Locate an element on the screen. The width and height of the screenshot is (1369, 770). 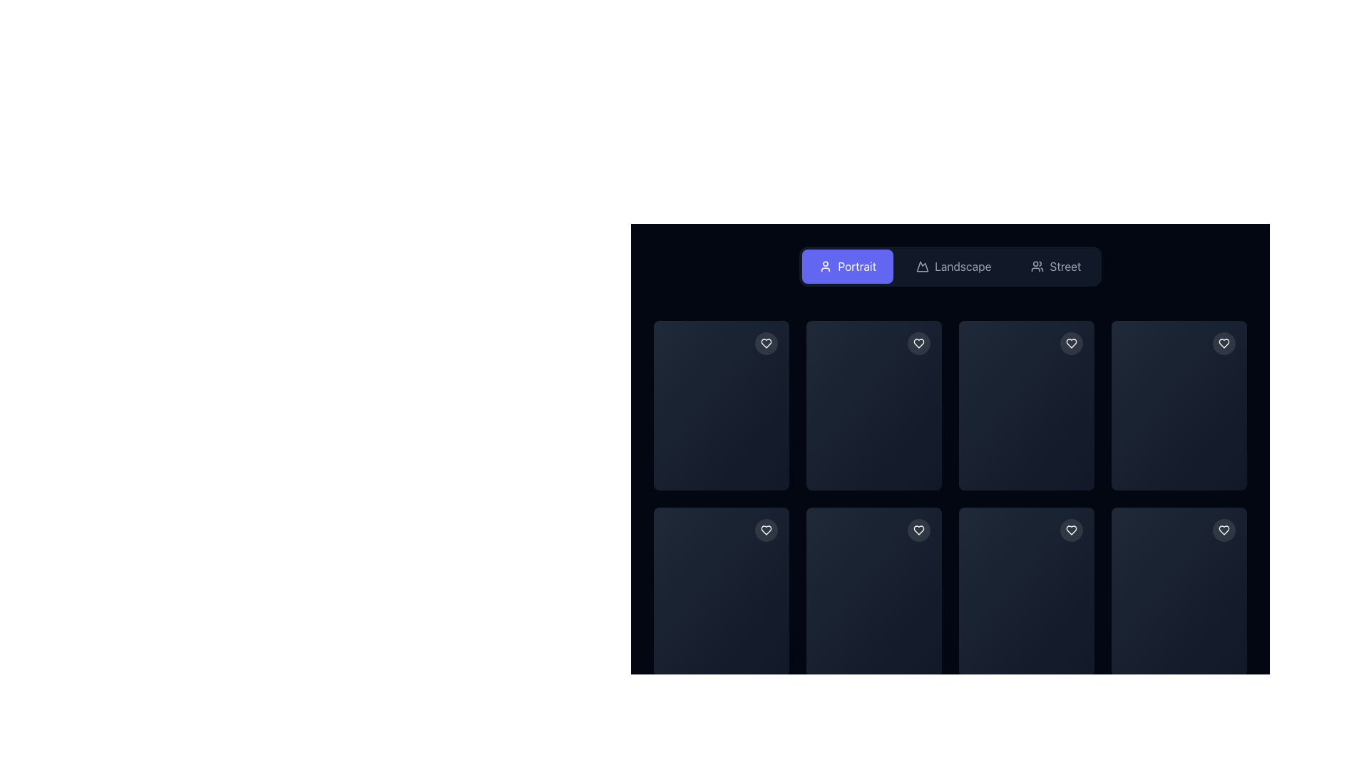
the group/community icon located to the left of the 'Street' button in the top navigation section is located at coordinates (1037, 267).